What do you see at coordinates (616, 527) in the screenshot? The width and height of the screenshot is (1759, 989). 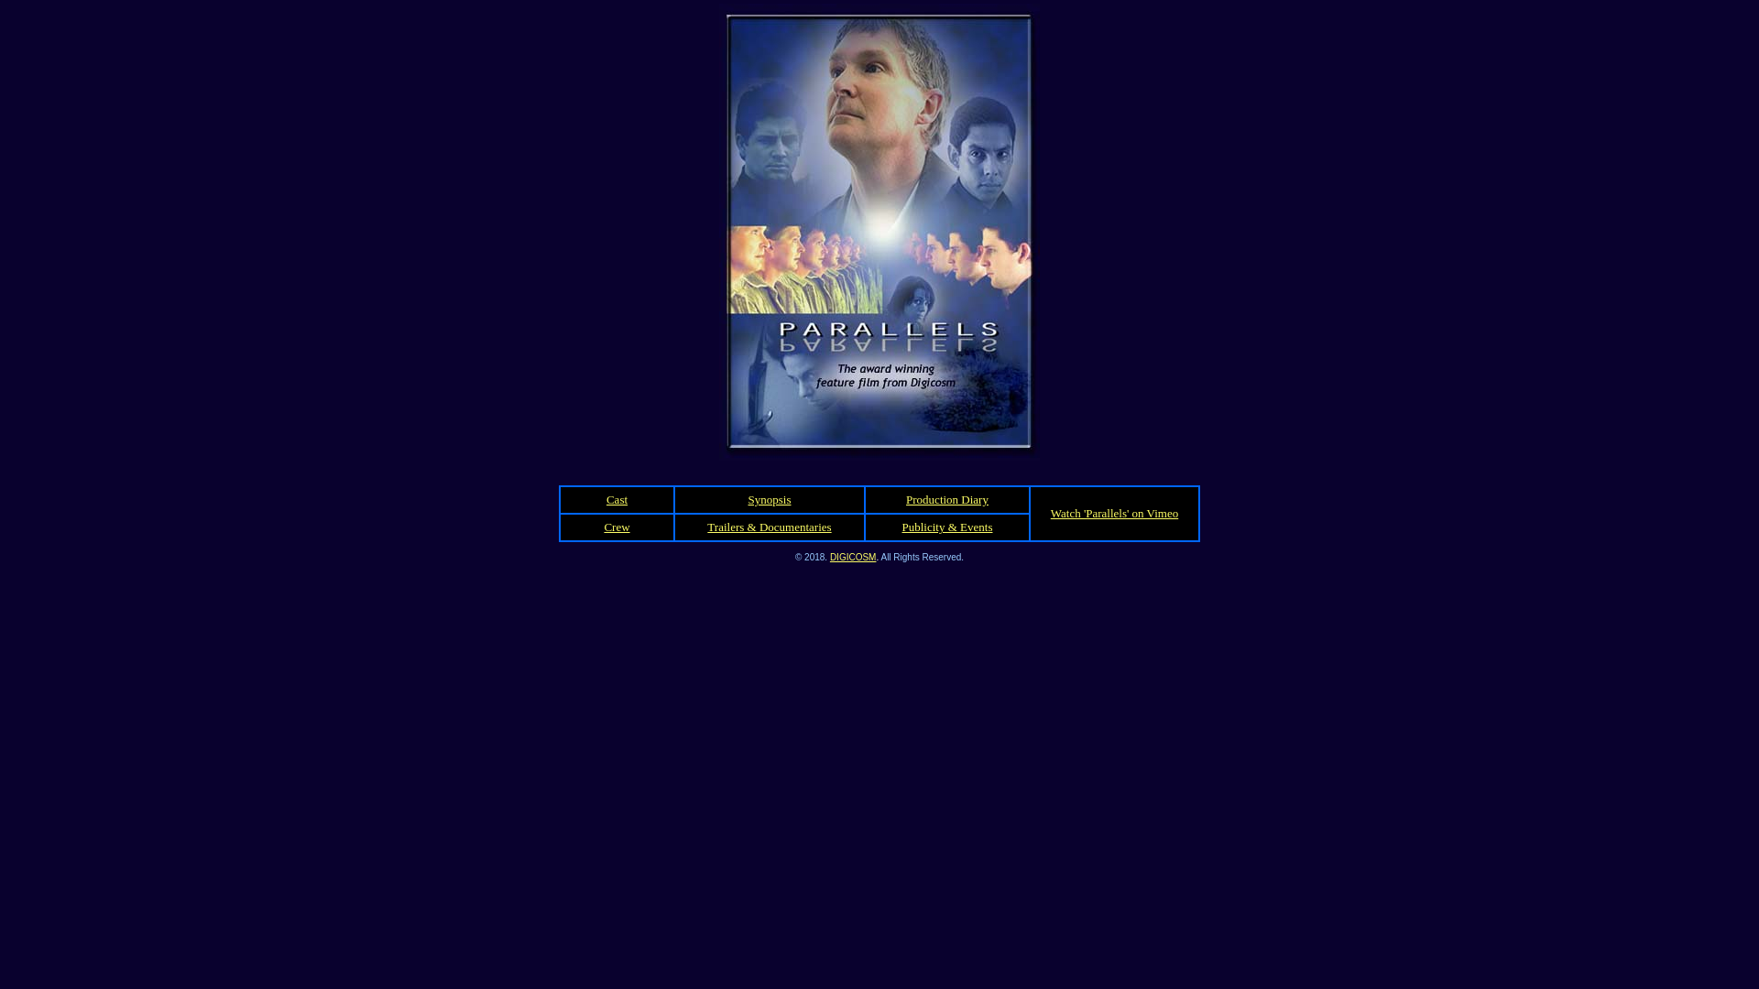 I see `'Crew'` at bounding box center [616, 527].